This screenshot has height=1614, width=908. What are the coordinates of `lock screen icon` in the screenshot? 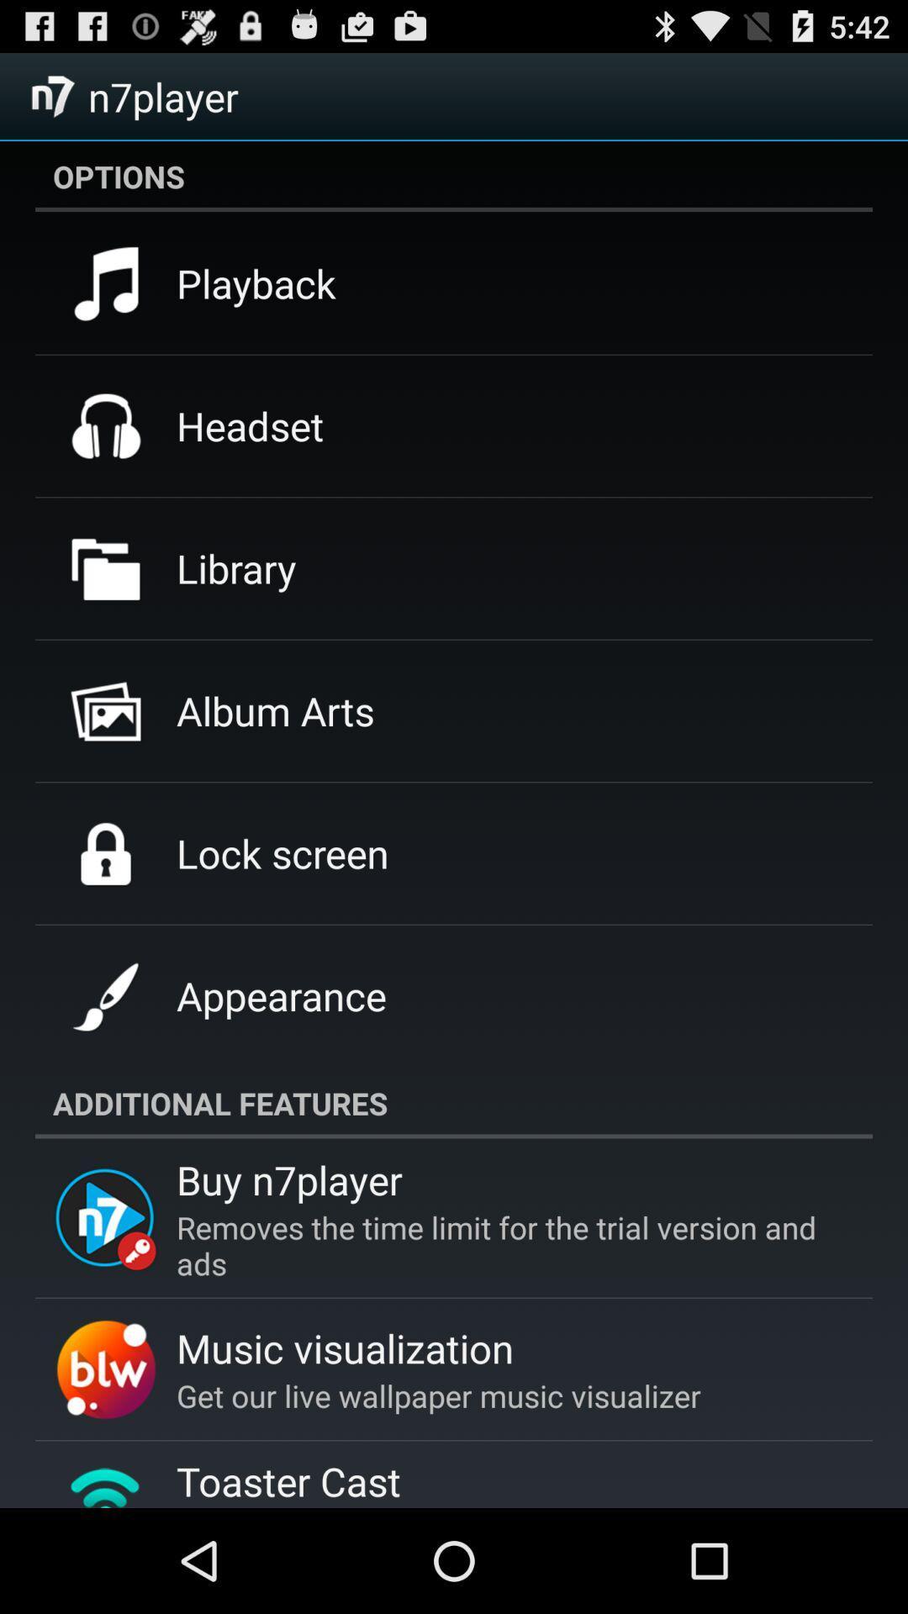 It's located at (282, 853).